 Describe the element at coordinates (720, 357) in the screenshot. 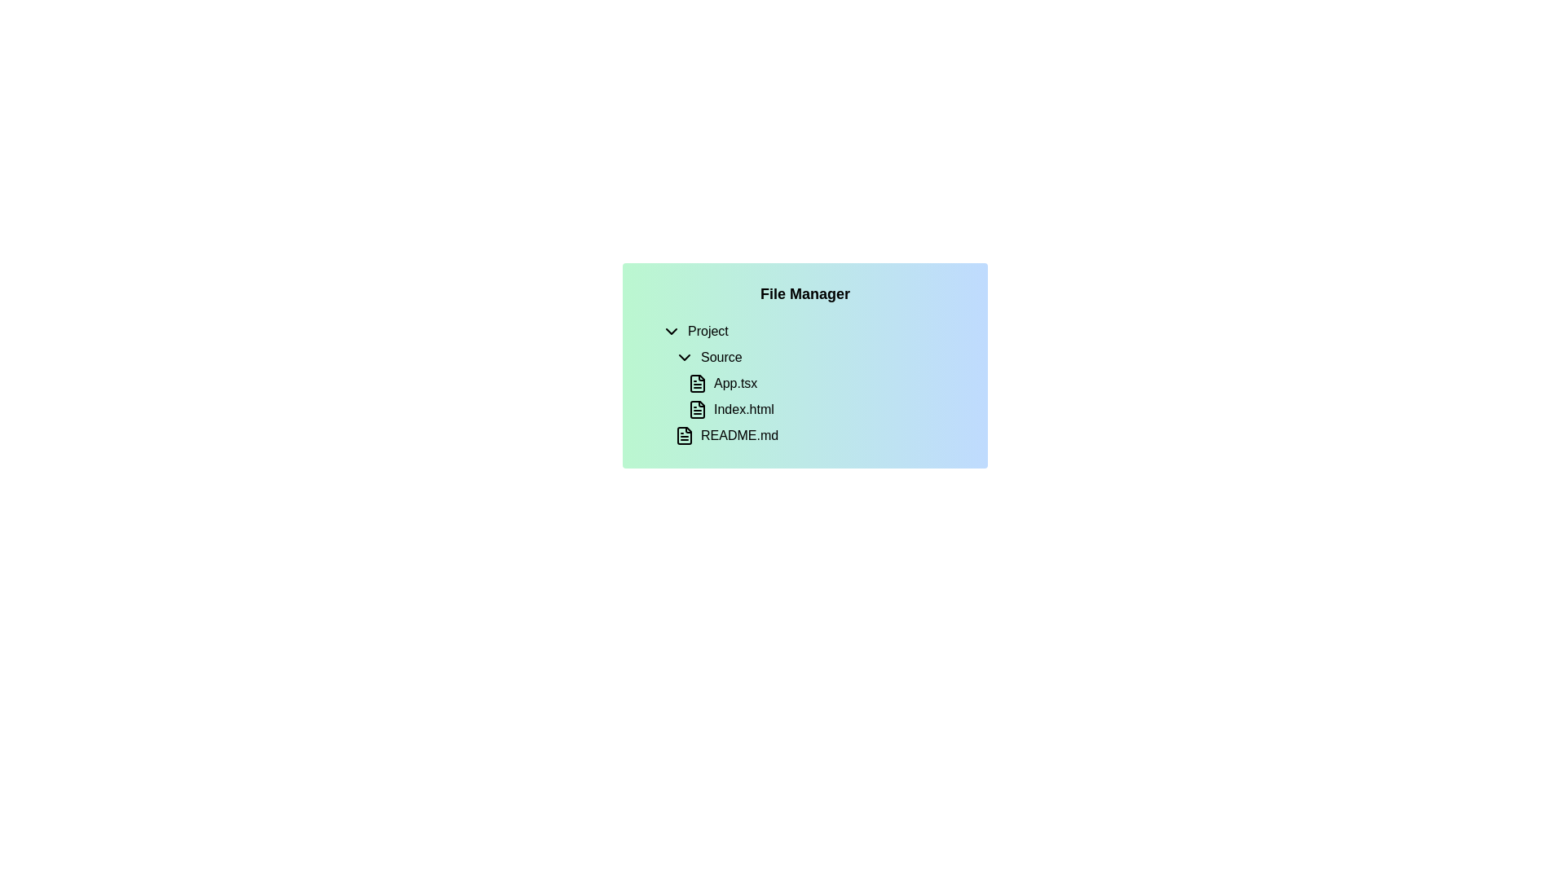

I see `on the 'Source' label element located under the 'Project' section in the file management interface` at that location.